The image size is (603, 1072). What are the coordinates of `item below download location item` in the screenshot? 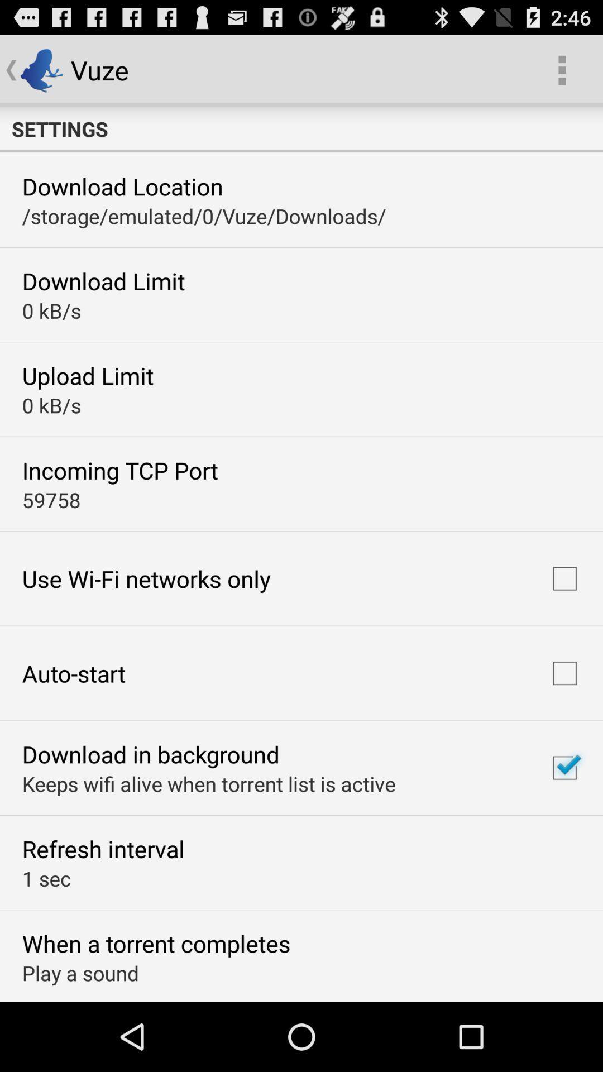 It's located at (204, 216).